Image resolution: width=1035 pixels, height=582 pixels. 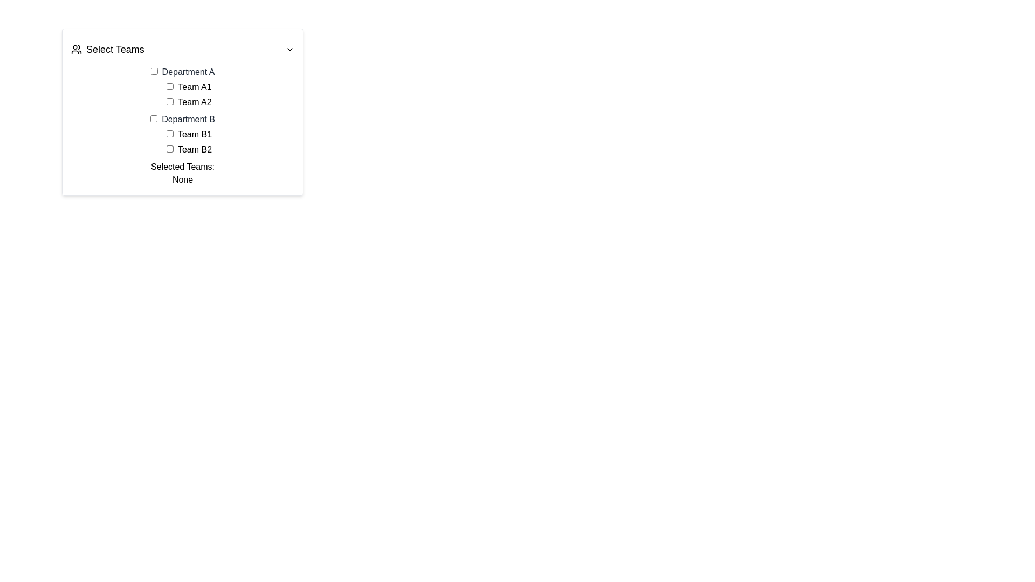 I want to click on the team icon located to the left of the 'Select Teams' text, which visually represents the concept of a 'team' or 'group', so click(x=76, y=50).